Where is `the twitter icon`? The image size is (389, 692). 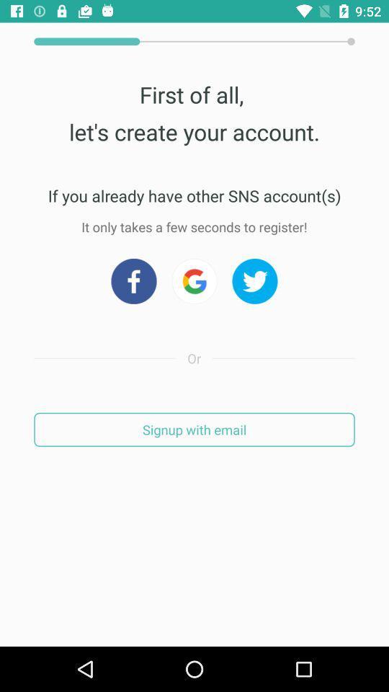 the twitter icon is located at coordinates (254, 280).